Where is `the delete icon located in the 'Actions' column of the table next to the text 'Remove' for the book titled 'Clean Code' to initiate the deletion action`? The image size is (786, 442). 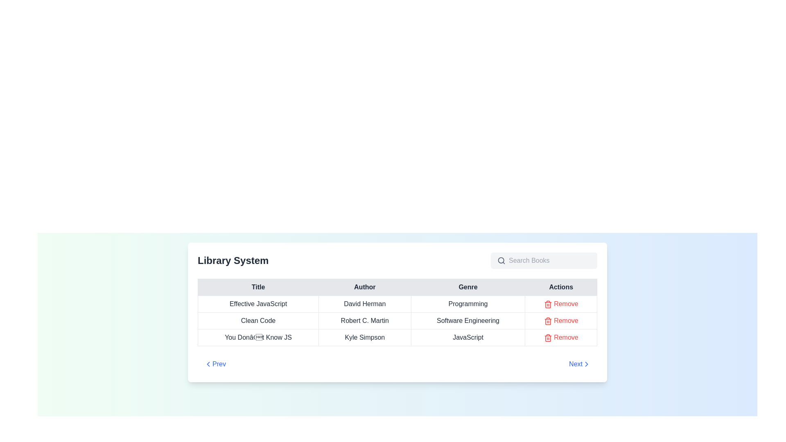 the delete icon located in the 'Actions' column of the table next to the text 'Remove' for the book titled 'Clean Code' to initiate the deletion action is located at coordinates (548, 320).